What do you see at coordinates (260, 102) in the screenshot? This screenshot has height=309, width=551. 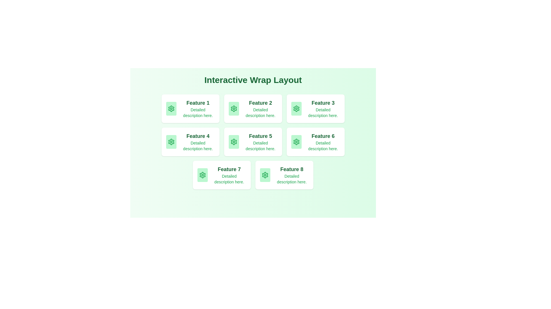 I see `the Text label serving as the header for the 'Feature 2' feature panel, located in the top row and second column of the grid layout under 'Interactive Wrap Layout'` at bounding box center [260, 102].